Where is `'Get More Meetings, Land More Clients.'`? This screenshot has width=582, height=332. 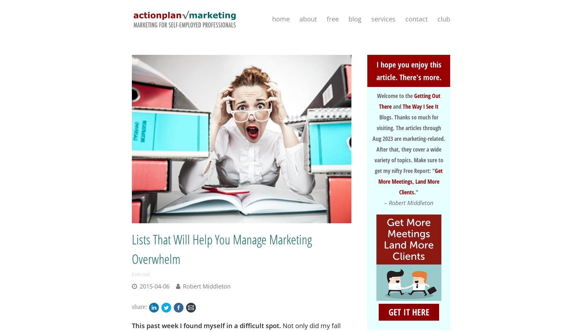
'Get More Meetings, Land More Clients.' is located at coordinates (410, 181).